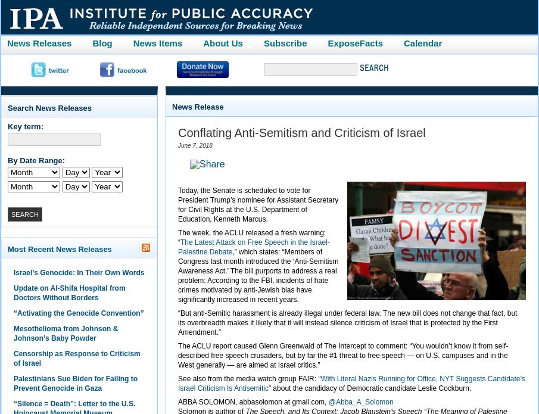 The image size is (539, 414). I want to click on 'The ACLU report caused Glenn Greenwald of The Intercept to comment: “You wouldn’t know it from self-described free speech crusaders, but by far the #1 threat to free speech — on U.S. campuses and in the West generally — are aimed at Israel critics.”', so click(343, 356).